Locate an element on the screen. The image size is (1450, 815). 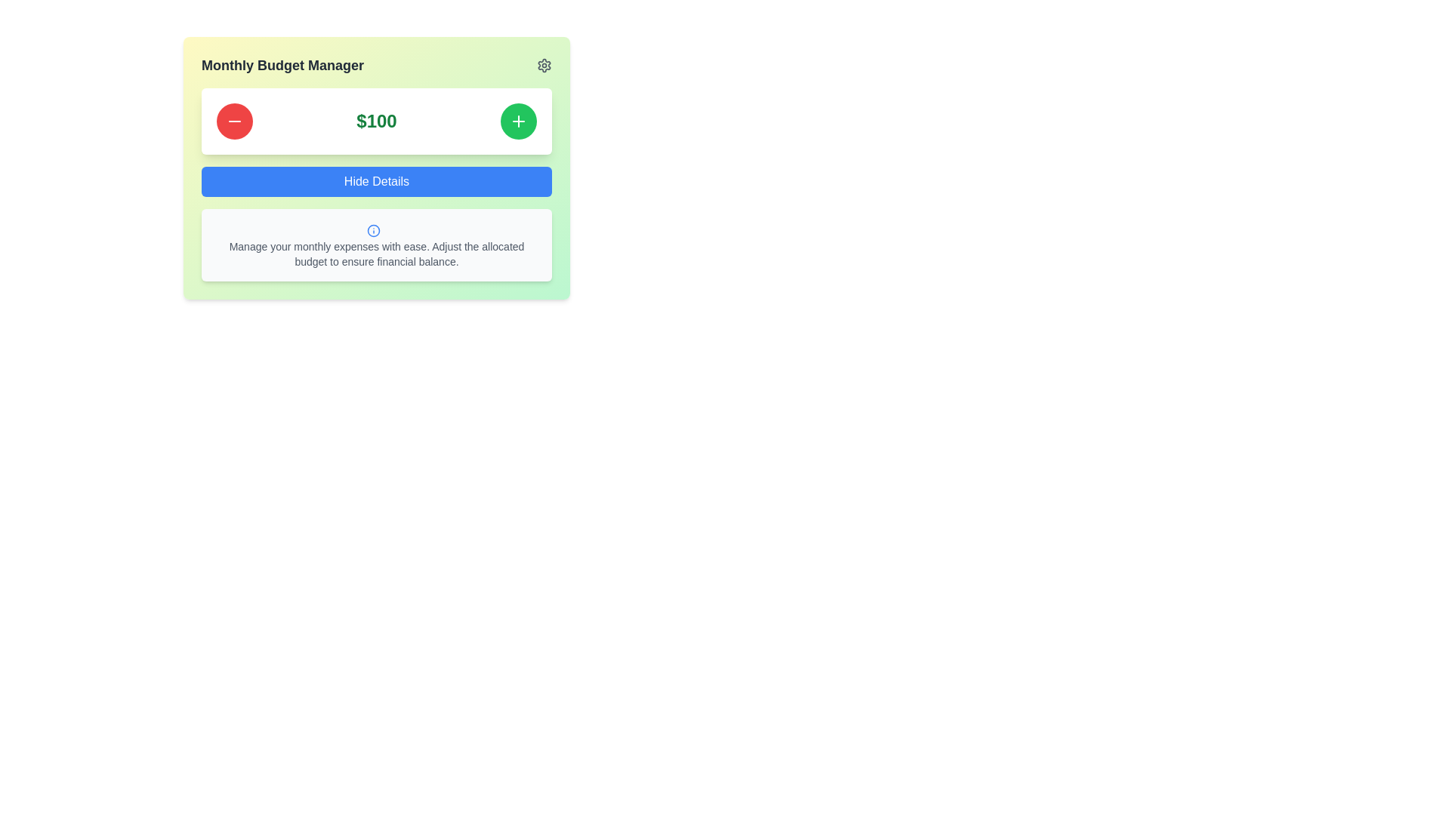
the plus button in the budget adjustment section, which is located between the title 'Monthly Budget Manager' and the 'Hide Details' button is located at coordinates (377, 121).